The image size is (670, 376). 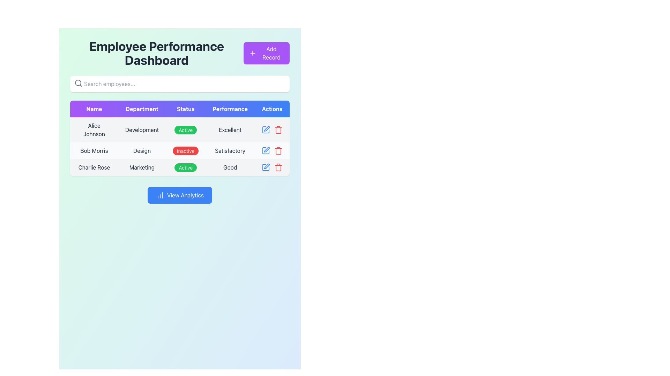 What do you see at coordinates (142, 167) in the screenshot?
I see `the table cell displaying the department 'Marketing' for employee 'Charlie Rose' in the second column of the table` at bounding box center [142, 167].